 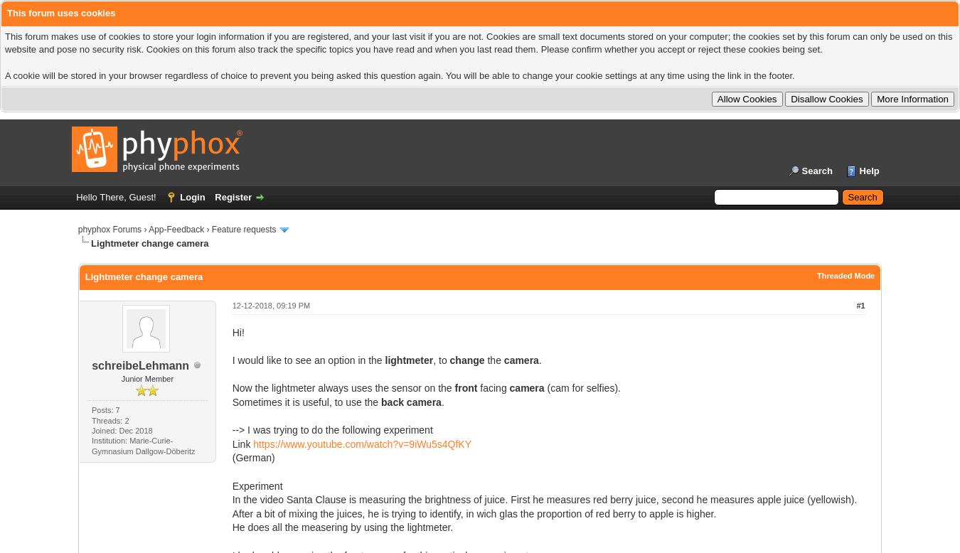 I want to click on 'phyphox Forums', so click(x=110, y=230).